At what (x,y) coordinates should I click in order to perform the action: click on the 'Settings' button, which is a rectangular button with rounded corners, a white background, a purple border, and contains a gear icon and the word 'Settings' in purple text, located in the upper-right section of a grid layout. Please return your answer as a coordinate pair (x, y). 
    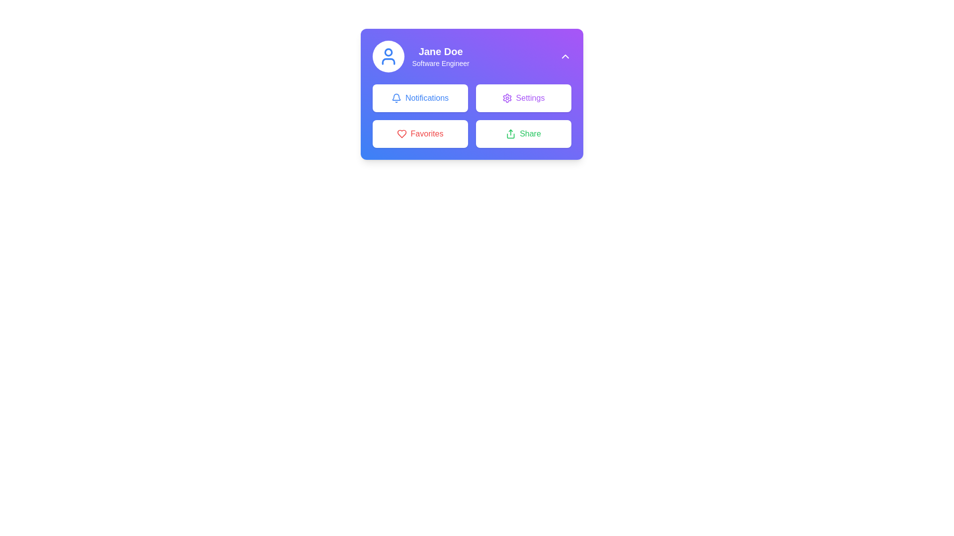
    Looking at the image, I should click on (523, 98).